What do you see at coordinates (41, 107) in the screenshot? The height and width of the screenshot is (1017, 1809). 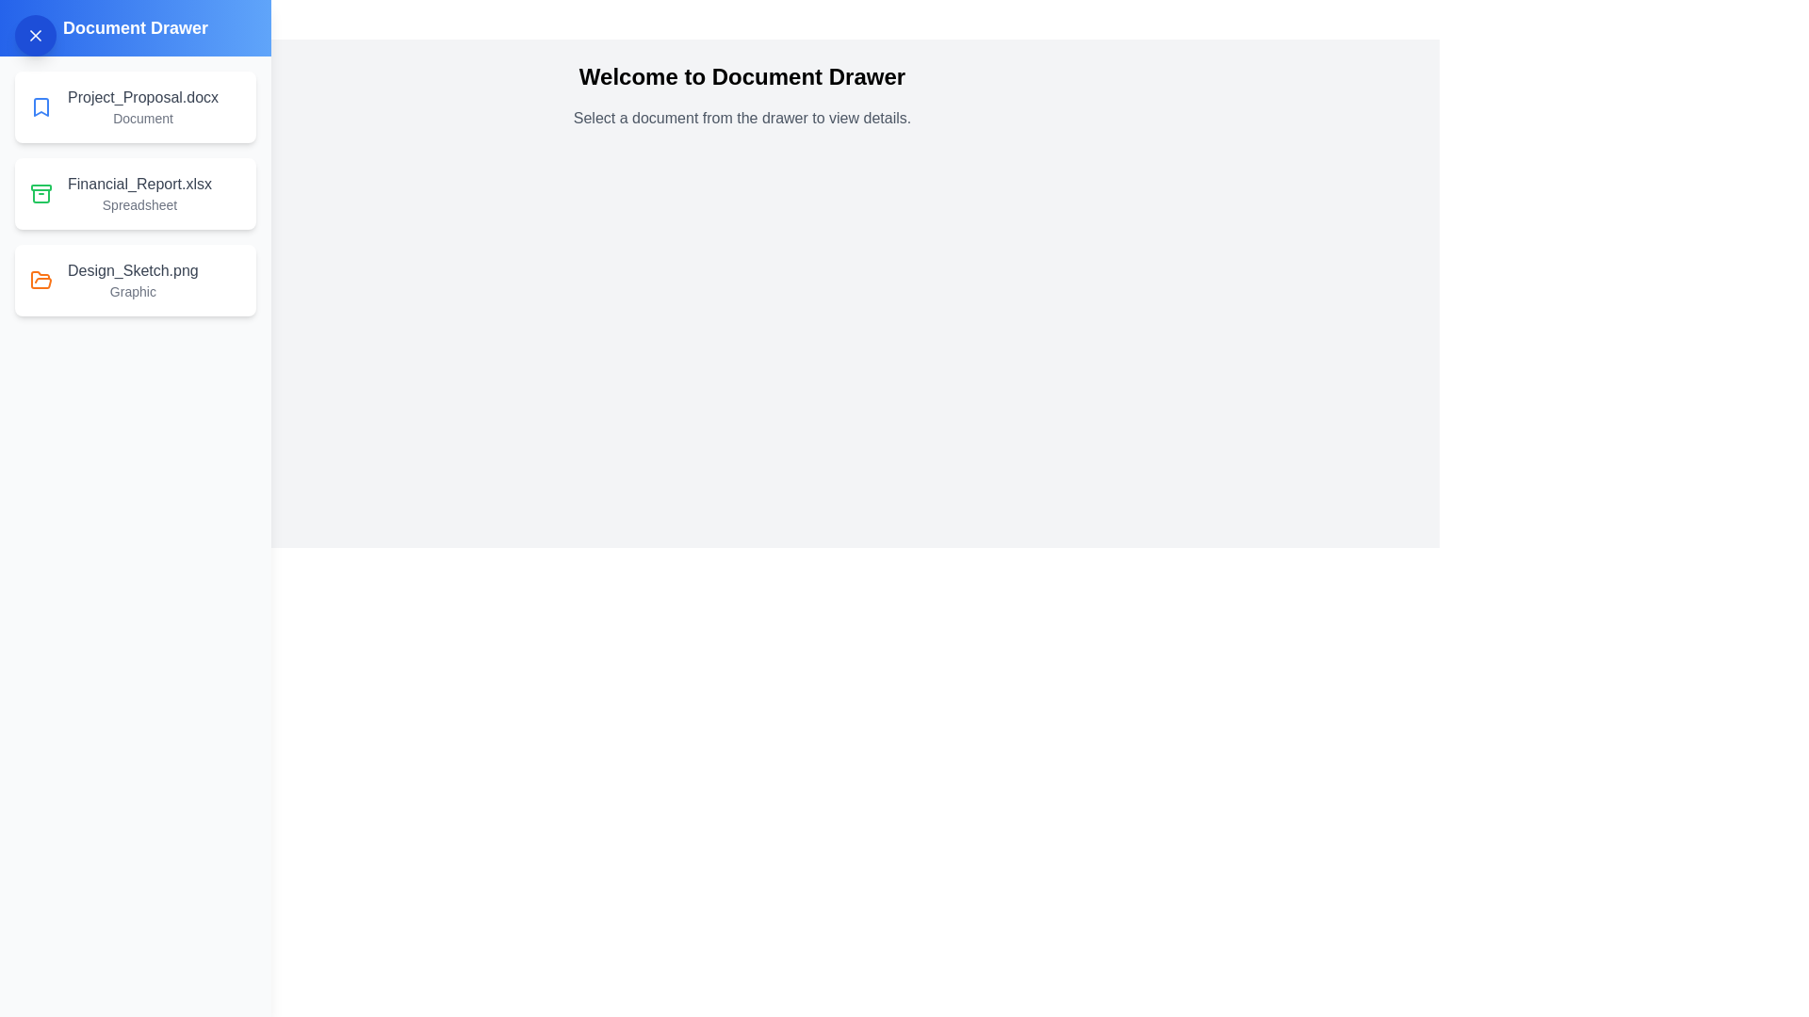 I see `the icon associated with the document Project_Proposal.docx` at bounding box center [41, 107].